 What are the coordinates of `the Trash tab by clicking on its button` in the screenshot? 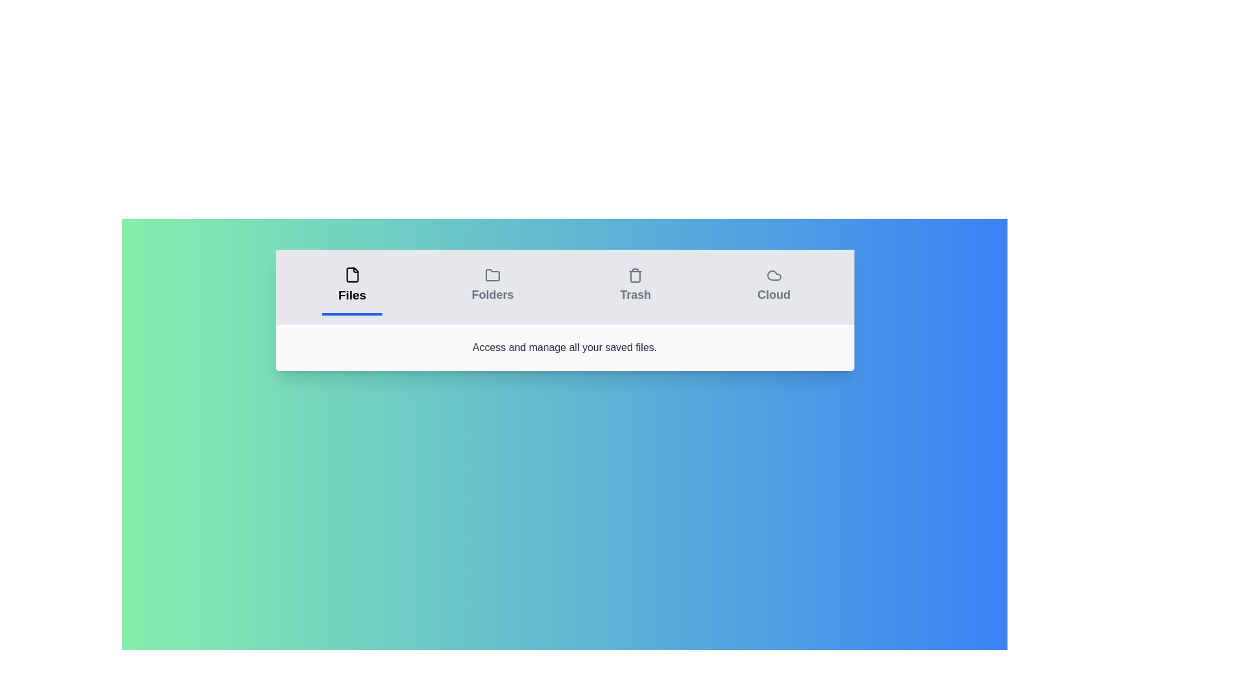 It's located at (635, 286).